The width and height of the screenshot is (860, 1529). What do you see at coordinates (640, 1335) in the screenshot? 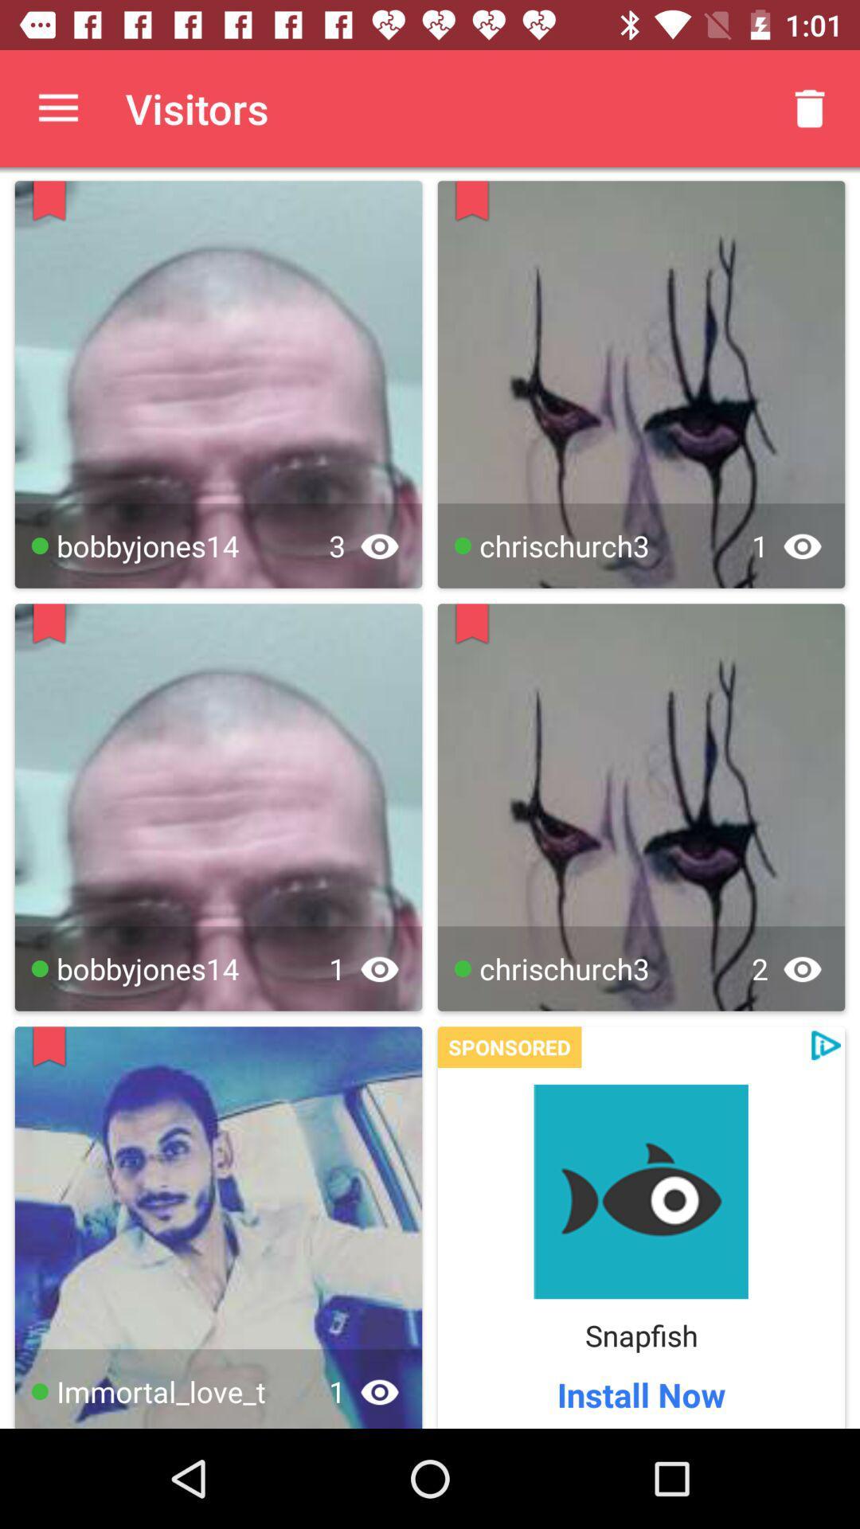
I see `the item above install now` at bounding box center [640, 1335].